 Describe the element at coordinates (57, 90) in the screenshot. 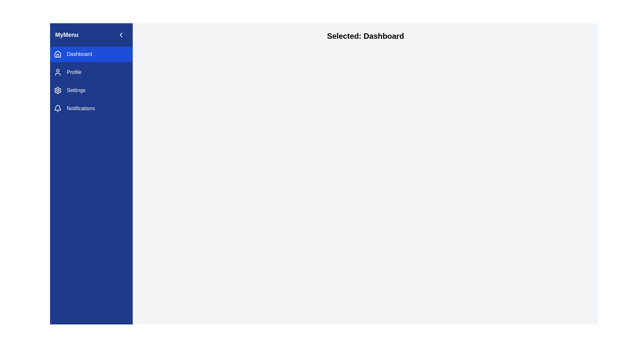

I see `the small cogwheel-like icon located next to the 'Settings' label on the left-side menu panel` at that location.